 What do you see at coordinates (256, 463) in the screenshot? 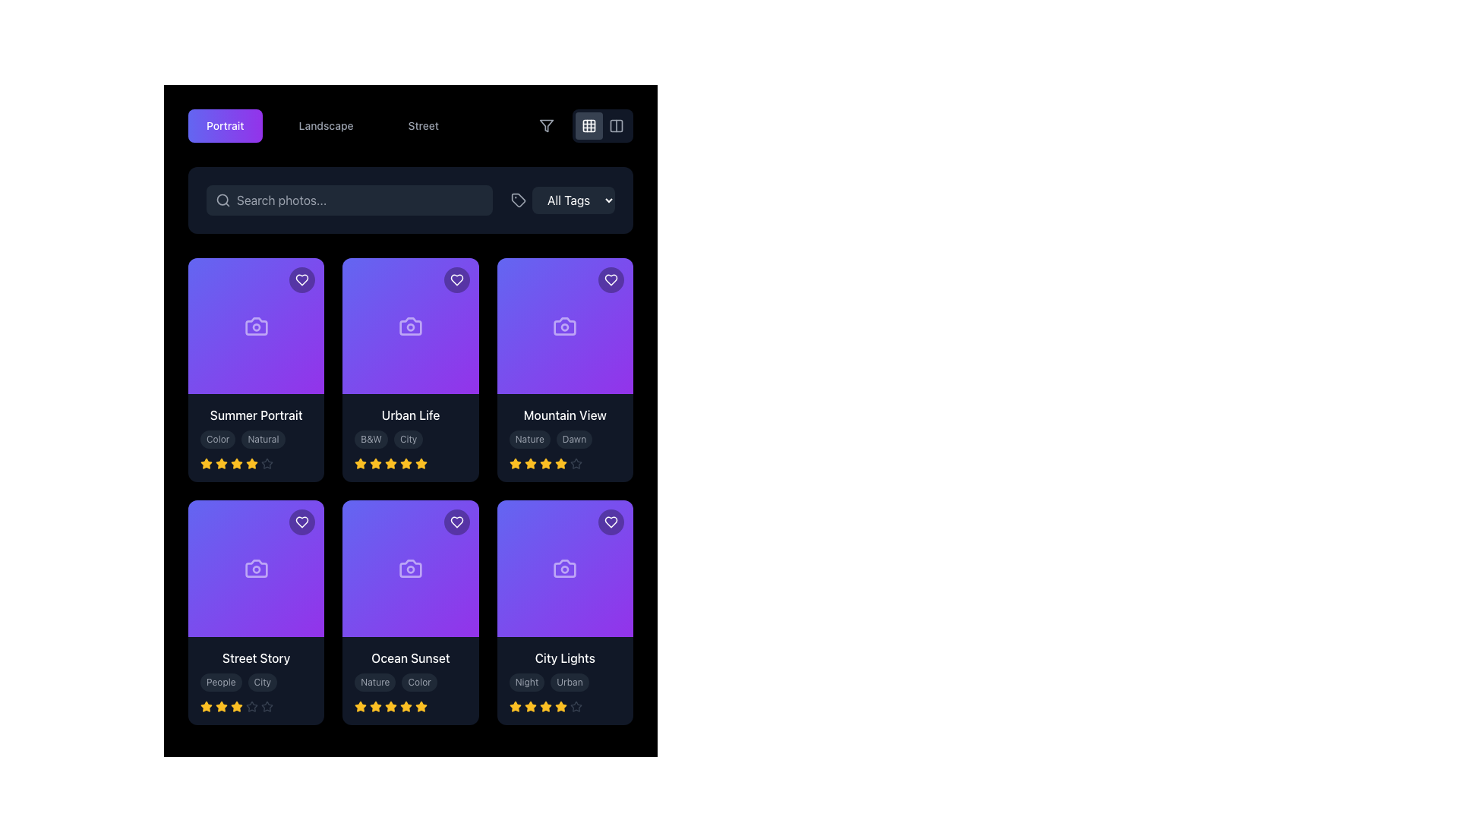
I see `the rating indicator composed of star icons located below the text 'Summer Portrait' to visually associate the rating with the respective item` at bounding box center [256, 463].